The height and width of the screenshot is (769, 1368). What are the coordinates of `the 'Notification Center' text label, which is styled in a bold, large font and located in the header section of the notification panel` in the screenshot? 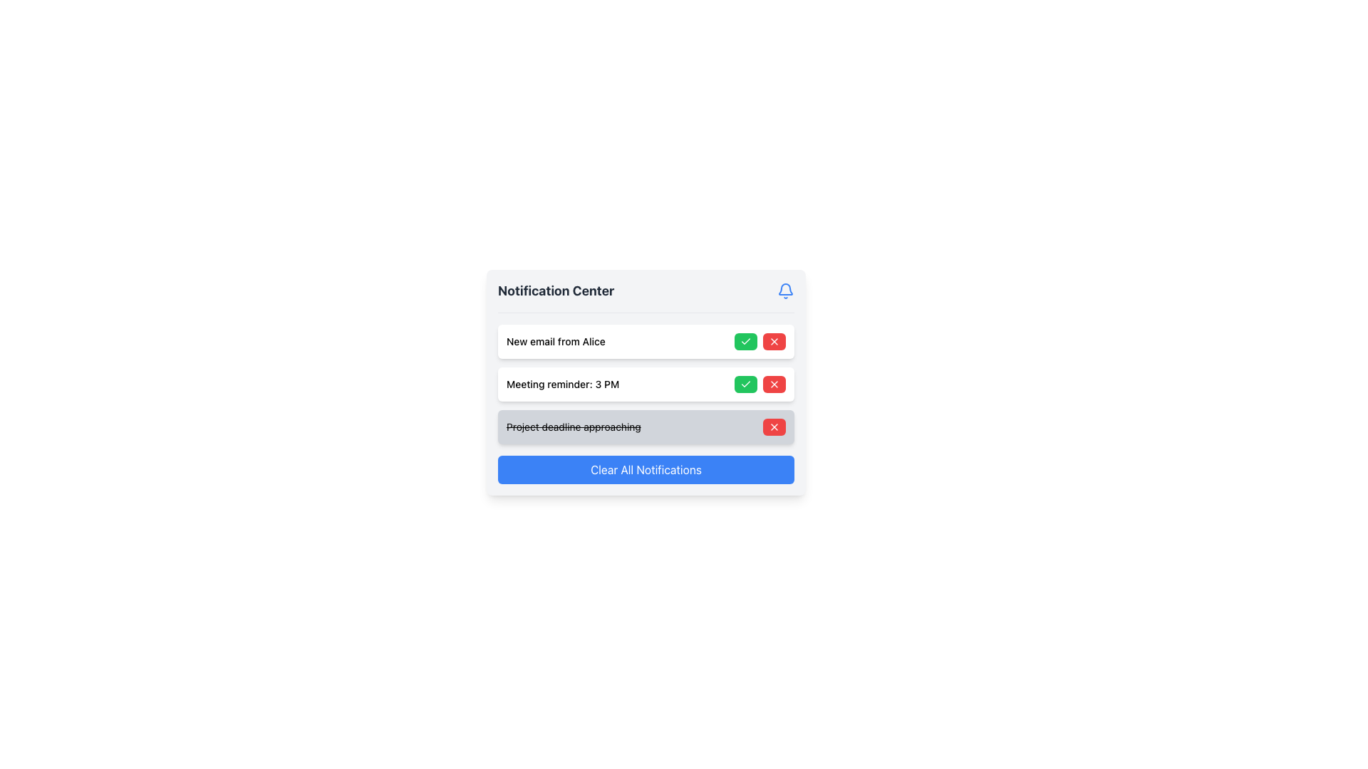 It's located at (555, 290).